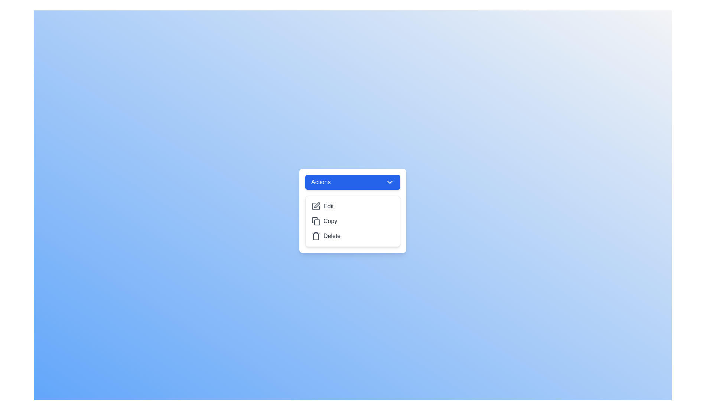 This screenshot has width=713, height=401. I want to click on the delete button, which is the third option in a dropdown menu, located below the 'Copy' button, so click(352, 236).